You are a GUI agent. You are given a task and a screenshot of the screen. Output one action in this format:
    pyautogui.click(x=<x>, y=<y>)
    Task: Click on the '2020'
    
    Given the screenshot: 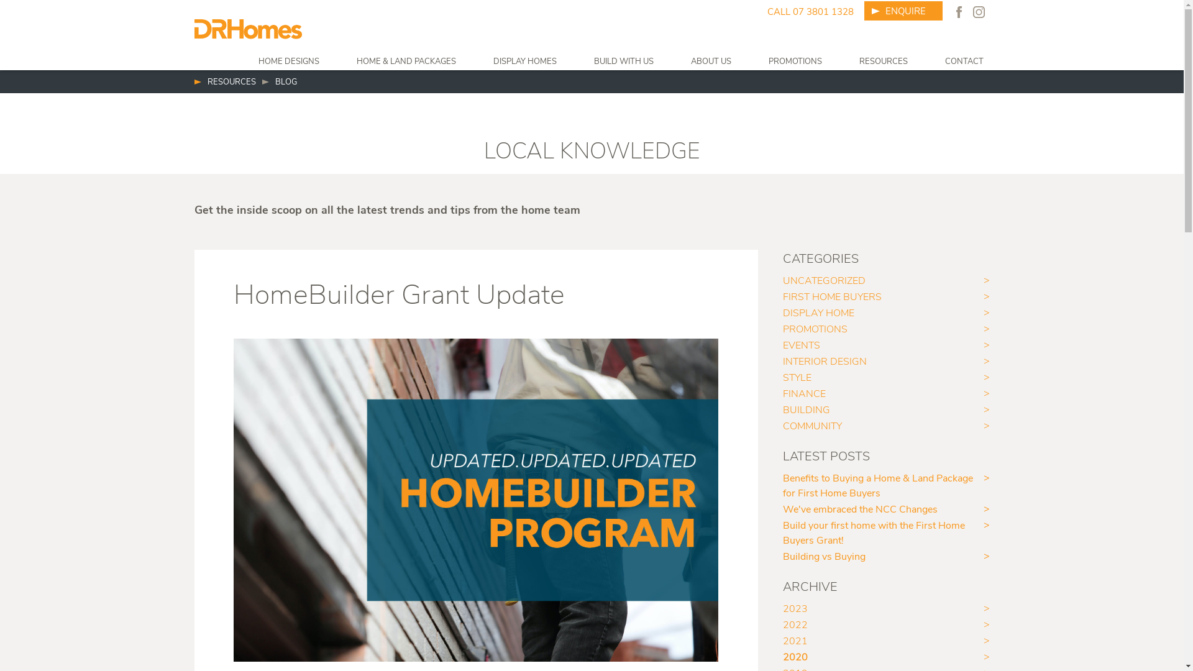 What is the action you would take?
    pyautogui.click(x=885, y=656)
    